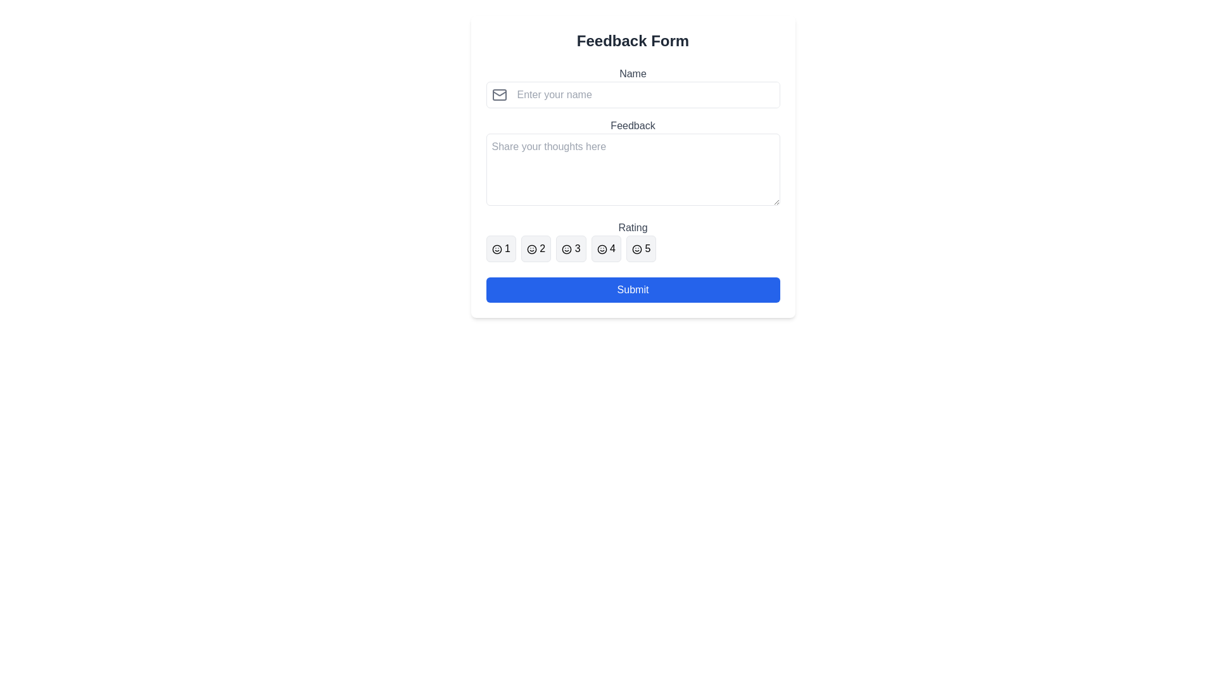  I want to click on the rectangular mail icon with rounded edges located beside the text input for 'Name' on the Feedback Form page, so click(498, 94).